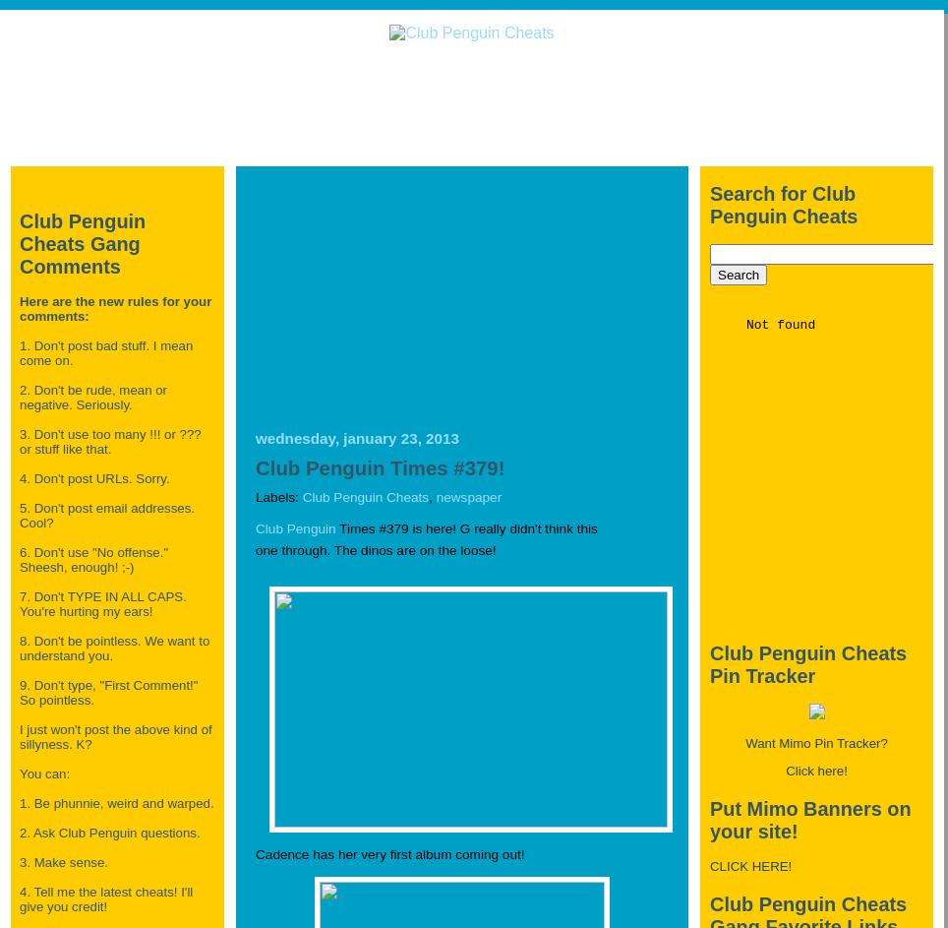 The height and width of the screenshot is (928, 948). What do you see at coordinates (380, 465) in the screenshot?
I see `'Club Penguin Times #379!'` at bounding box center [380, 465].